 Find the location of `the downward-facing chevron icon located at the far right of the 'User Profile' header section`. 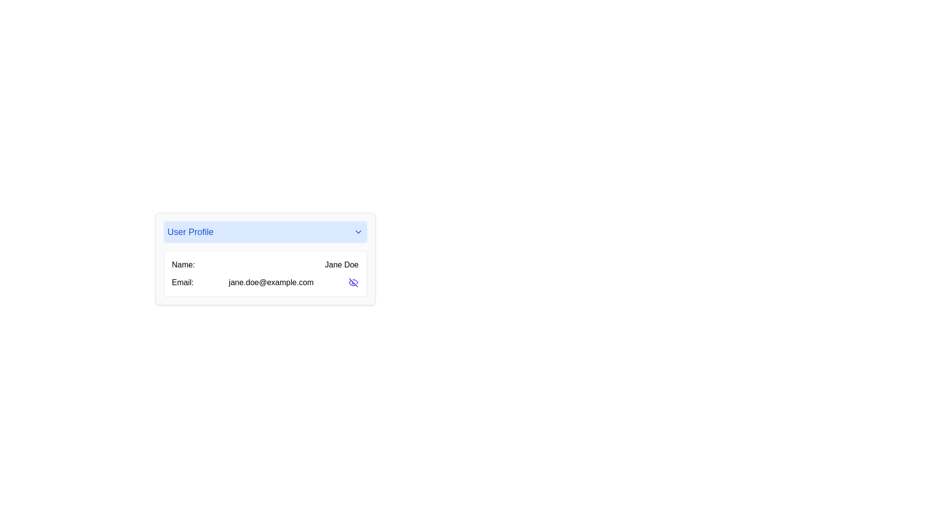

the downward-facing chevron icon located at the far right of the 'User Profile' header section is located at coordinates (357, 232).